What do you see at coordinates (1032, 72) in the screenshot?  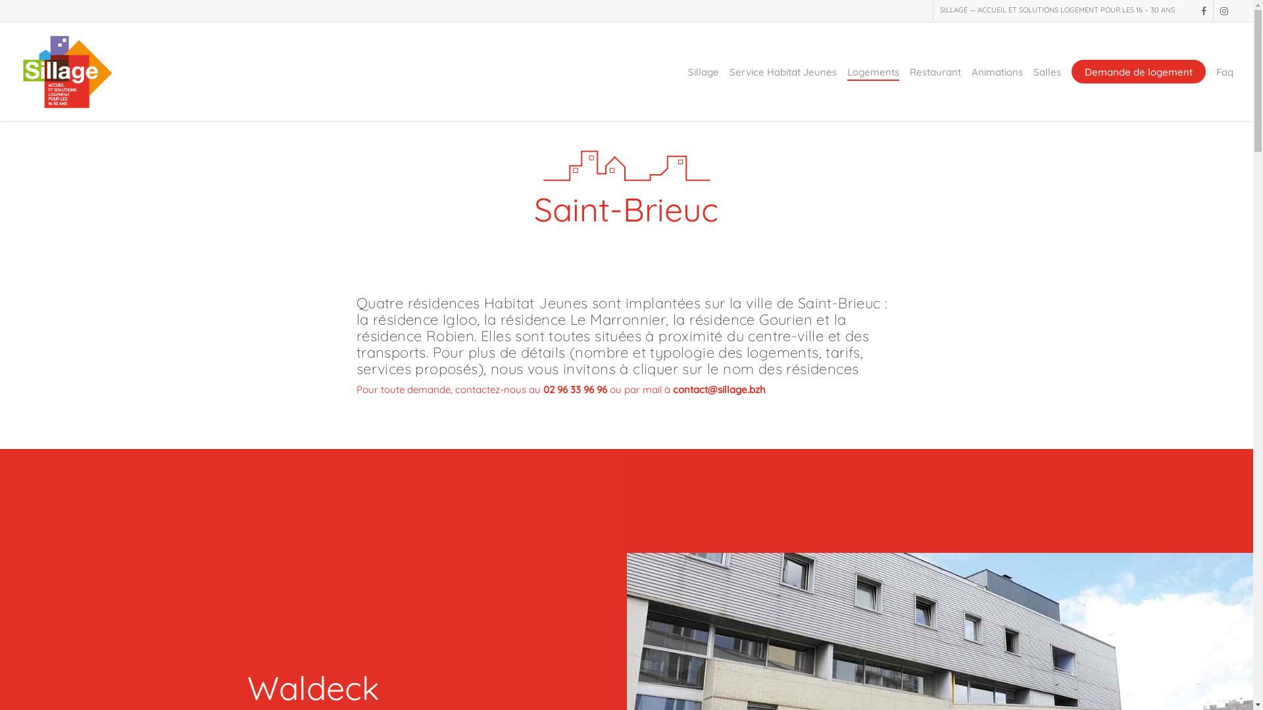 I see `'Salles'` at bounding box center [1032, 72].